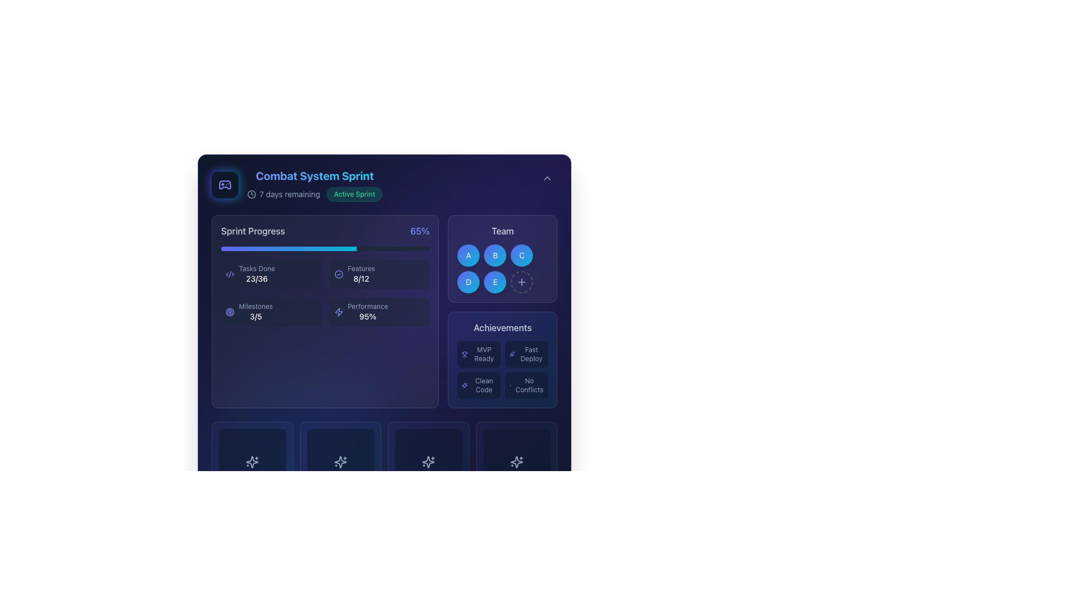  What do you see at coordinates (255, 317) in the screenshot?
I see `the text label displaying '3/5', which is styled in bold white font and located beneath the 'Milestones' label in the 'Sprint Progress' section` at bounding box center [255, 317].